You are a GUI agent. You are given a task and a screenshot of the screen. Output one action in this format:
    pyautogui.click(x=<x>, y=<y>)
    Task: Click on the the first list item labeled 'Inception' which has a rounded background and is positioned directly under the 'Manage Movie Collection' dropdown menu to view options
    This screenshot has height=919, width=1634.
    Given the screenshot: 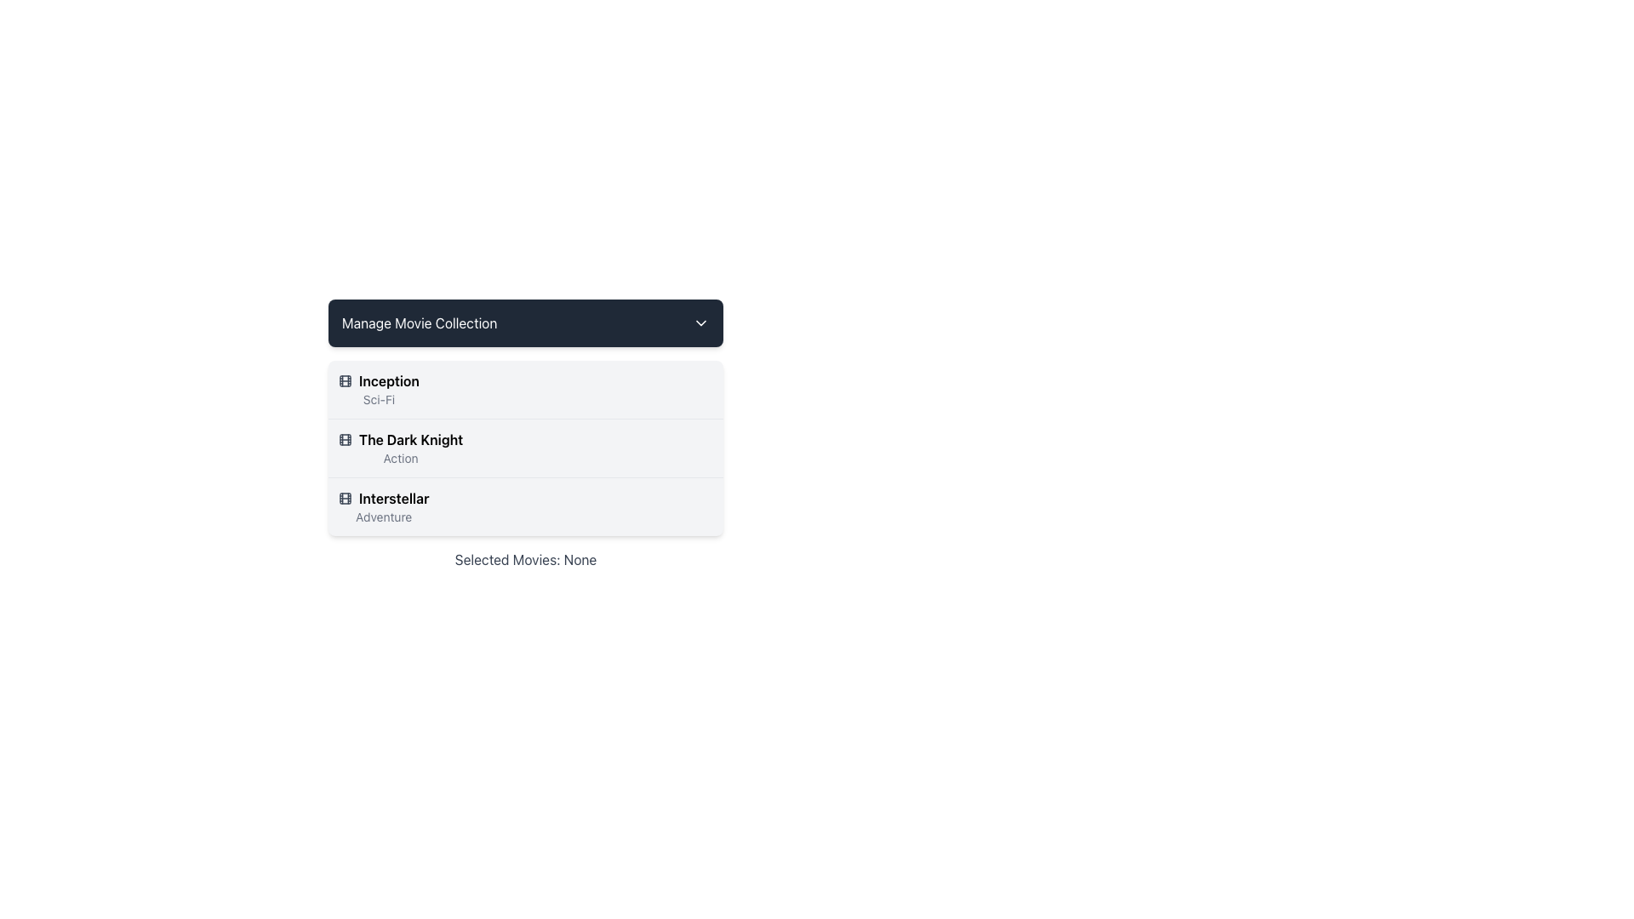 What is the action you would take?
    pyautogui.click(x=525, y=390)
    